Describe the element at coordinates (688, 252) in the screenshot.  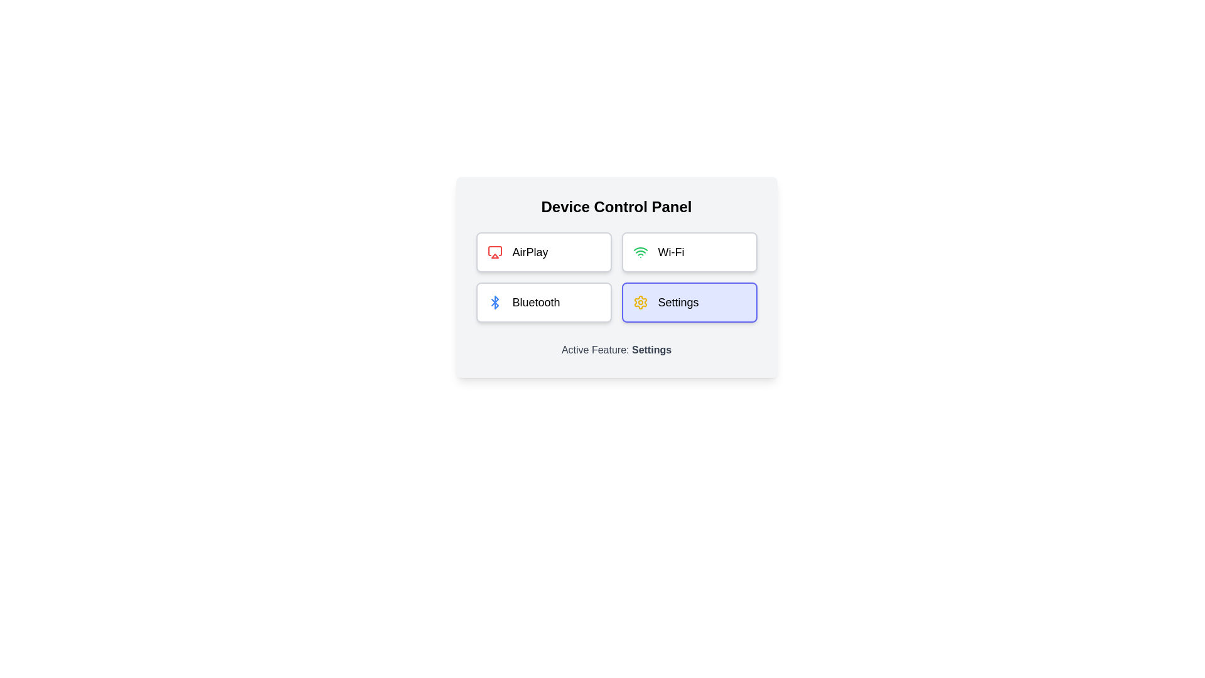
I see `the feature button Wi-Fi to view its hover effect` at that location.